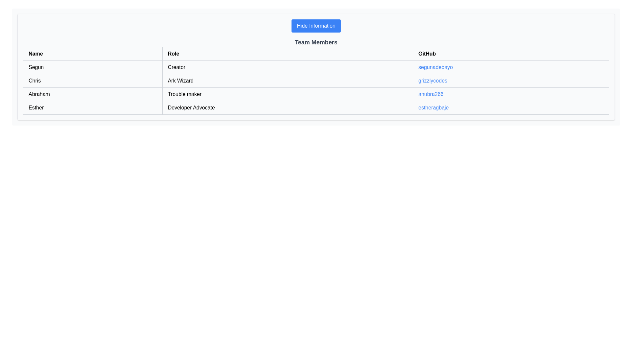  I want to click on the third row in the table that contains the name 'Abraham', role 'Trouble maker', and GitHub username 'anubra266', so click(316, 94).